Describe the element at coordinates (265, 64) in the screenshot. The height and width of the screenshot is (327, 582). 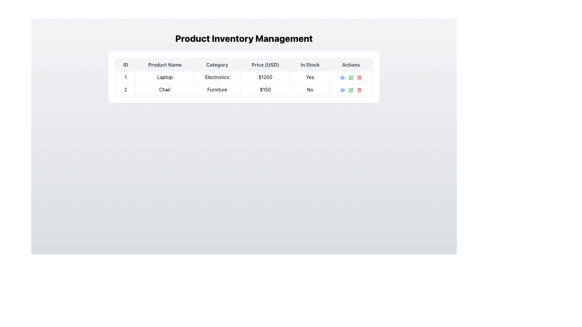
I see `the 'Price (USD)' column header in the table, which is the fourth header element, located between 'Category' and 'In Stock'` at that location.